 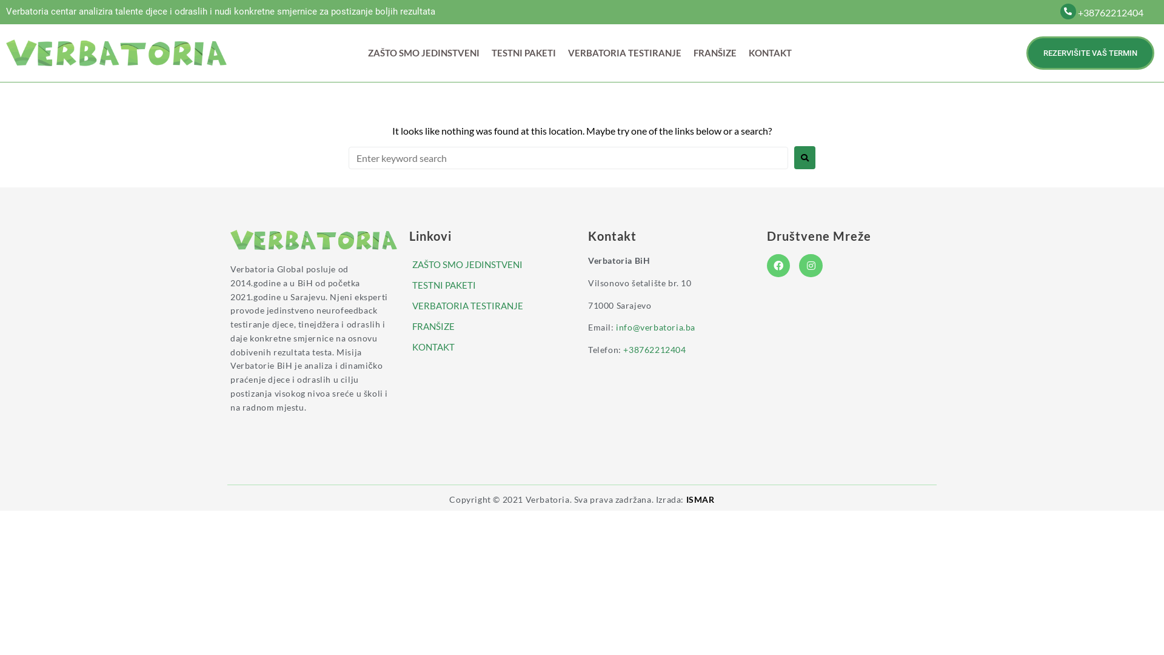 I want to click on '+38762212404', so click(x=1111, y=12).